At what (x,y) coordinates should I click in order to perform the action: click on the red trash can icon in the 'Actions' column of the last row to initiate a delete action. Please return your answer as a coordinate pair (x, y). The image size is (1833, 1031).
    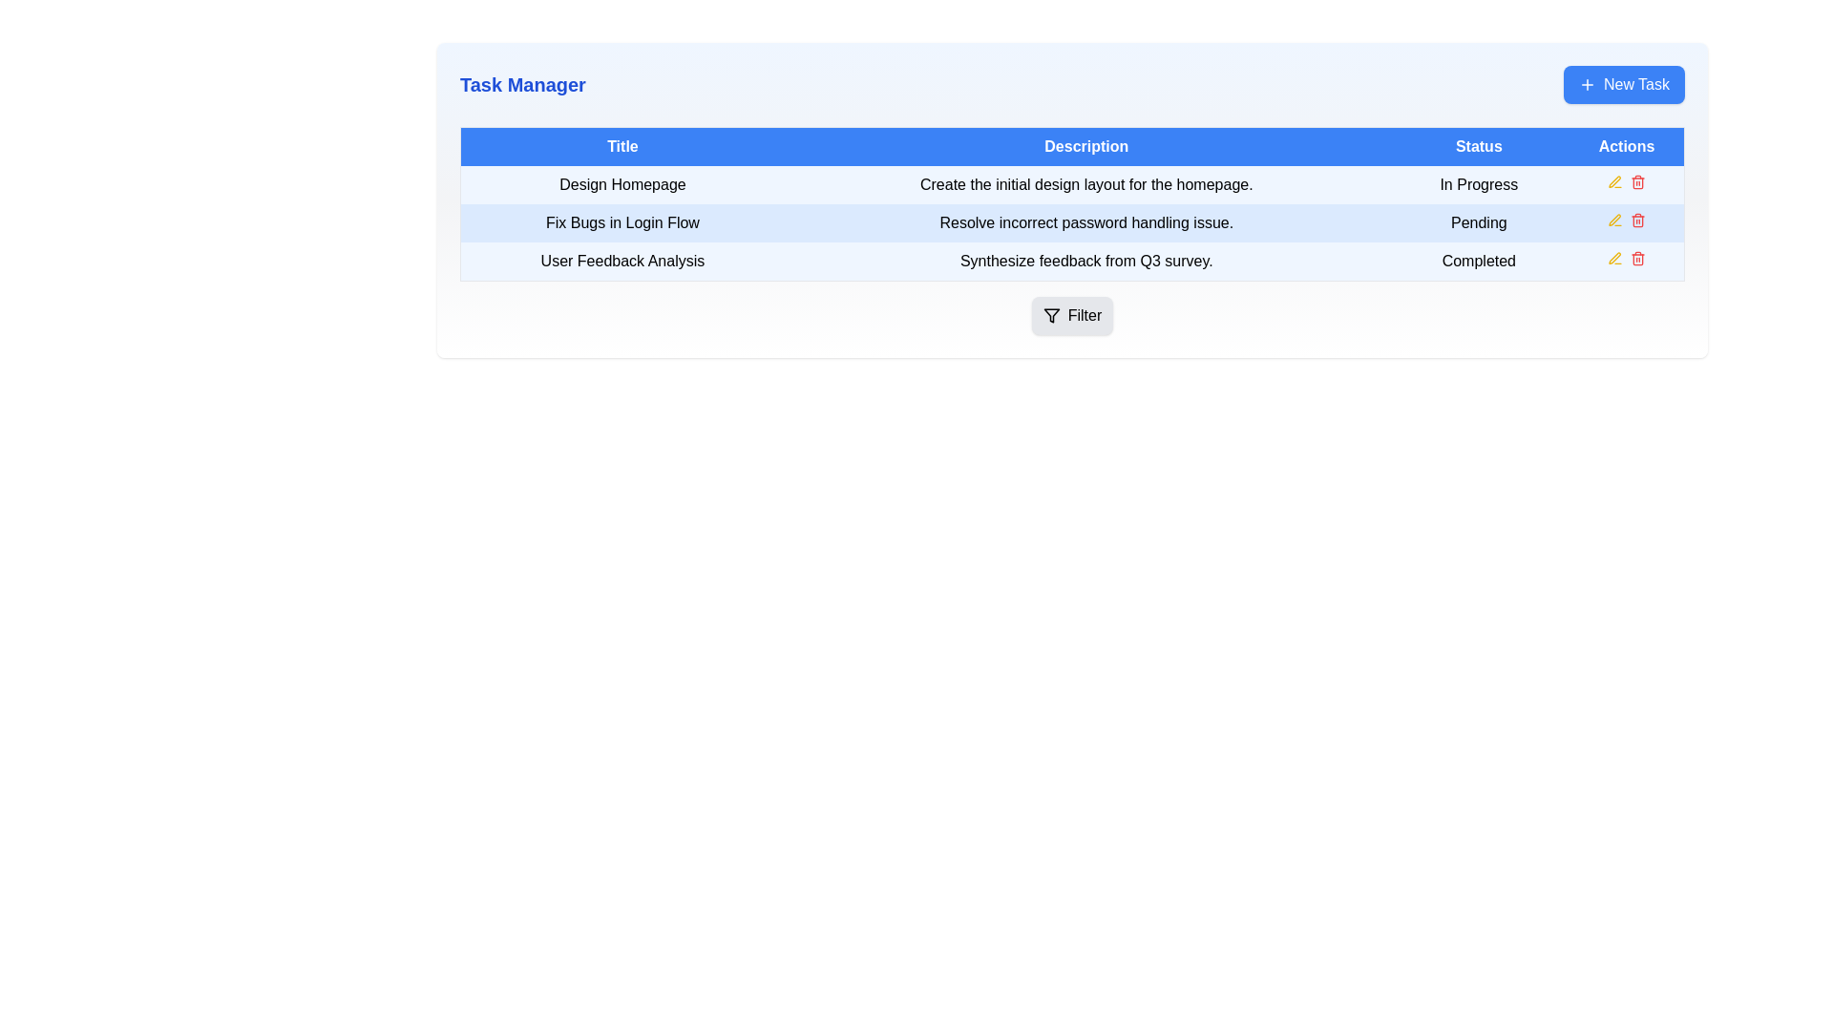
    Looking at the image, I should click on (1636, 258).